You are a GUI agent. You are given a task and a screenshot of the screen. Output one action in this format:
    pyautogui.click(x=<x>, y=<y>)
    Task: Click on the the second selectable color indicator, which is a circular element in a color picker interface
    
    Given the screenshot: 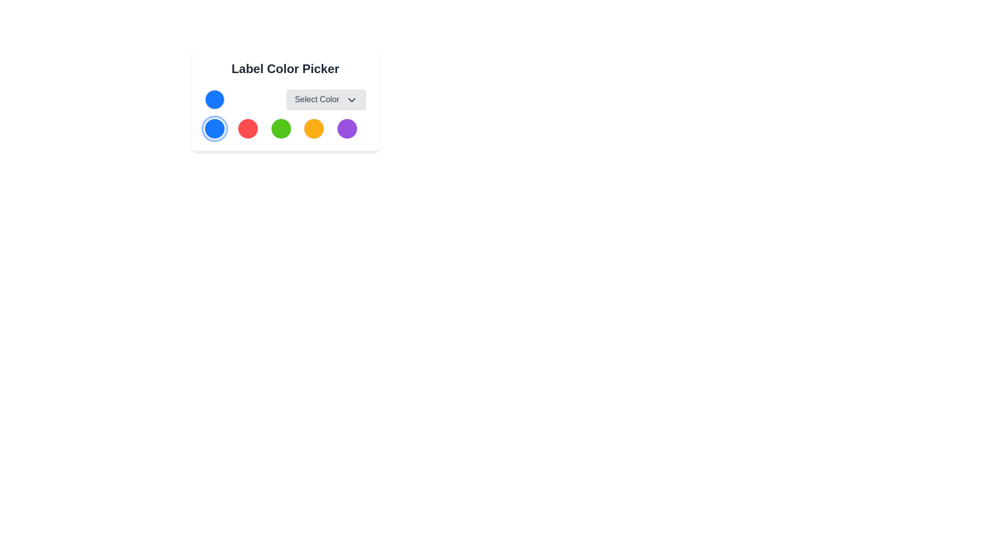 What is the action you would take?
    pyautogui.click(x=248, y=128)
    